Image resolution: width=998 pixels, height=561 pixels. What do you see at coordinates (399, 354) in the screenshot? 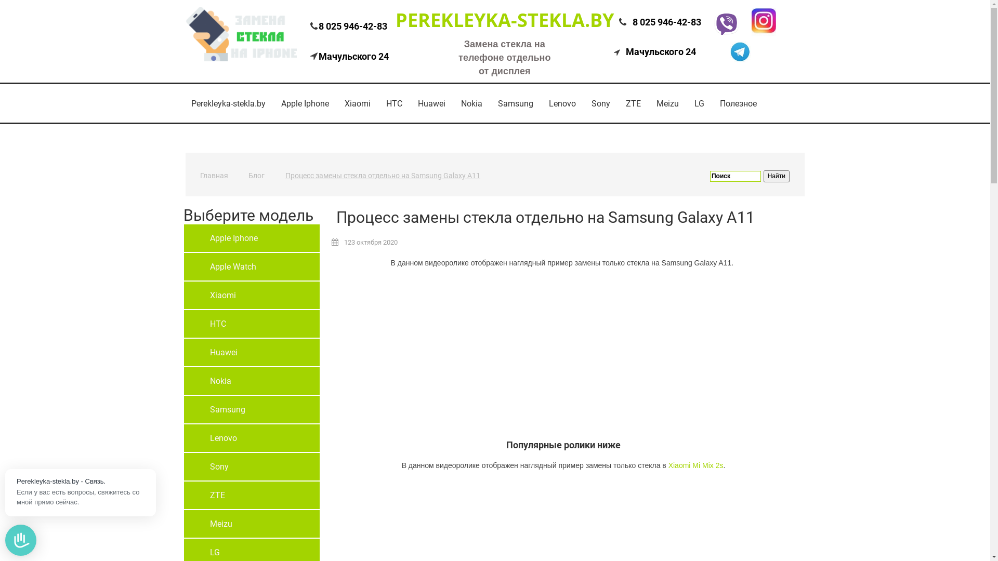
I see `'YouTube video player'` at bounding box center [399, 354].